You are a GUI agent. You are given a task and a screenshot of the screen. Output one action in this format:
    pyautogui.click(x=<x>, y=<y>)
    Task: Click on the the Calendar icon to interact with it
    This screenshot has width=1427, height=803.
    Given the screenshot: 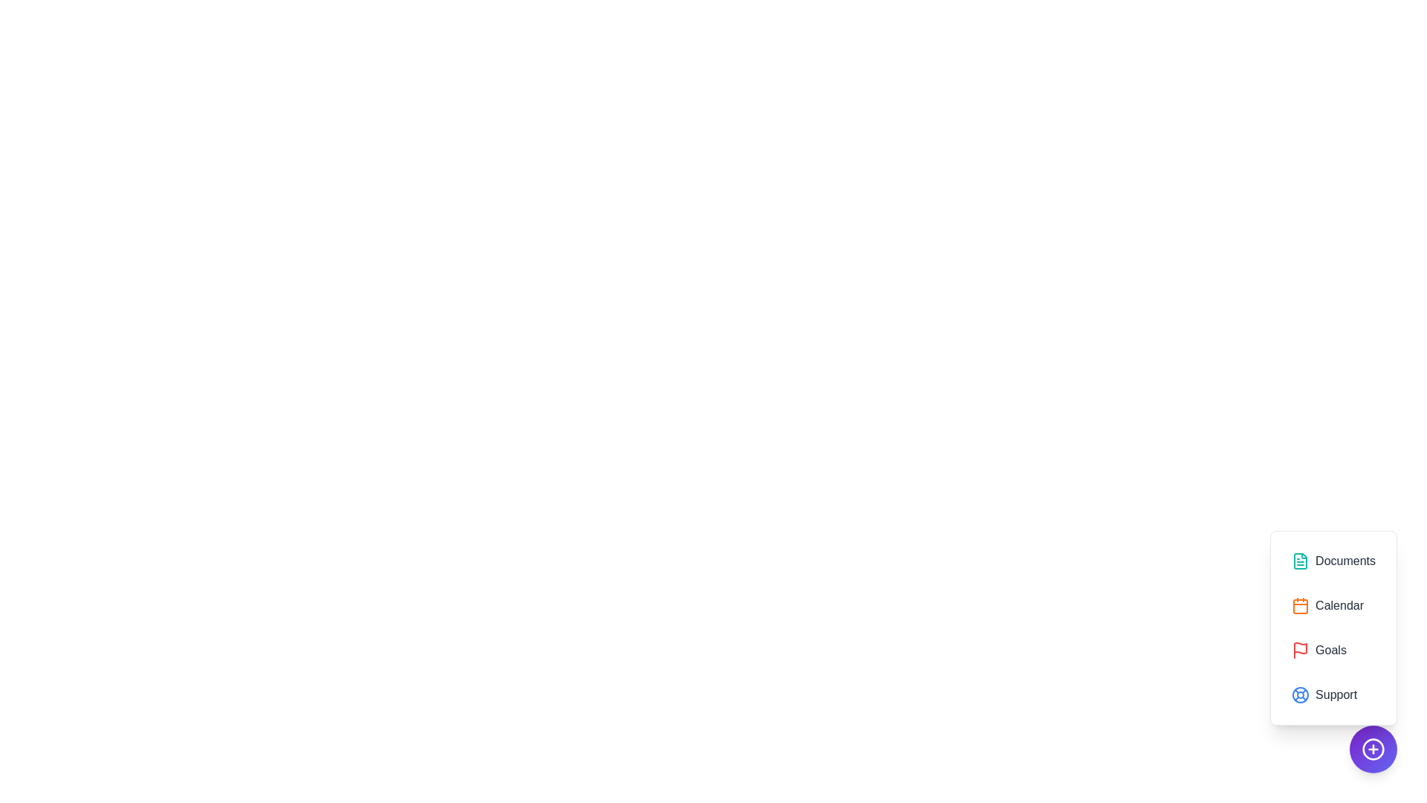 What is the action you would take?
    pyautogui.click(x=1333, y=605)
    